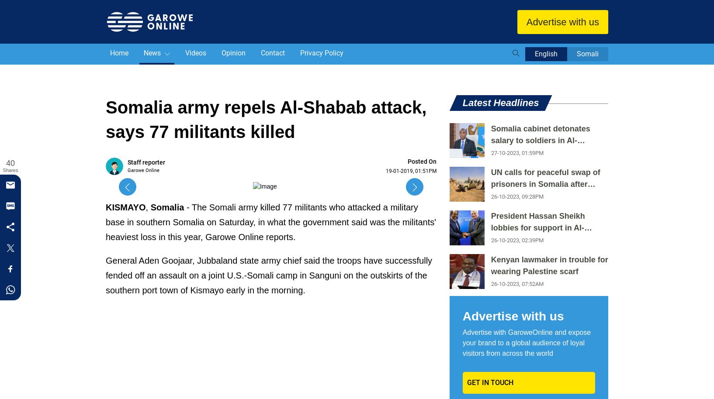 The image size is (714, 399). What do you see at coordinates (273, 53) in the screenshot?
I see `'Contact'` at bounding box center [273, 53].